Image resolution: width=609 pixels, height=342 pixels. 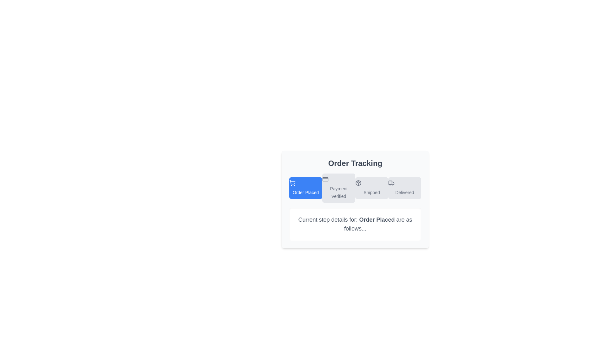 What do you see at coordinates (306, 192) in the screenshot?
I see `the 'Order Placed' text label, which is part of a progress tracker button with a blue background located on the far left of the navigation bar` at bounding box center [306, 192].